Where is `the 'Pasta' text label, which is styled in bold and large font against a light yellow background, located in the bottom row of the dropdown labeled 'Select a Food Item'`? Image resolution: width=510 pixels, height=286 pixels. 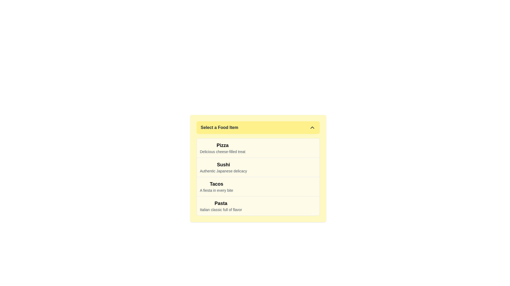 the 'Pasta' text label, which is styled in bold and large font against a light yellow background, located in the bottom row of the dropdown labeled 'Select a Food Item' is located at coordinates (221, 203).